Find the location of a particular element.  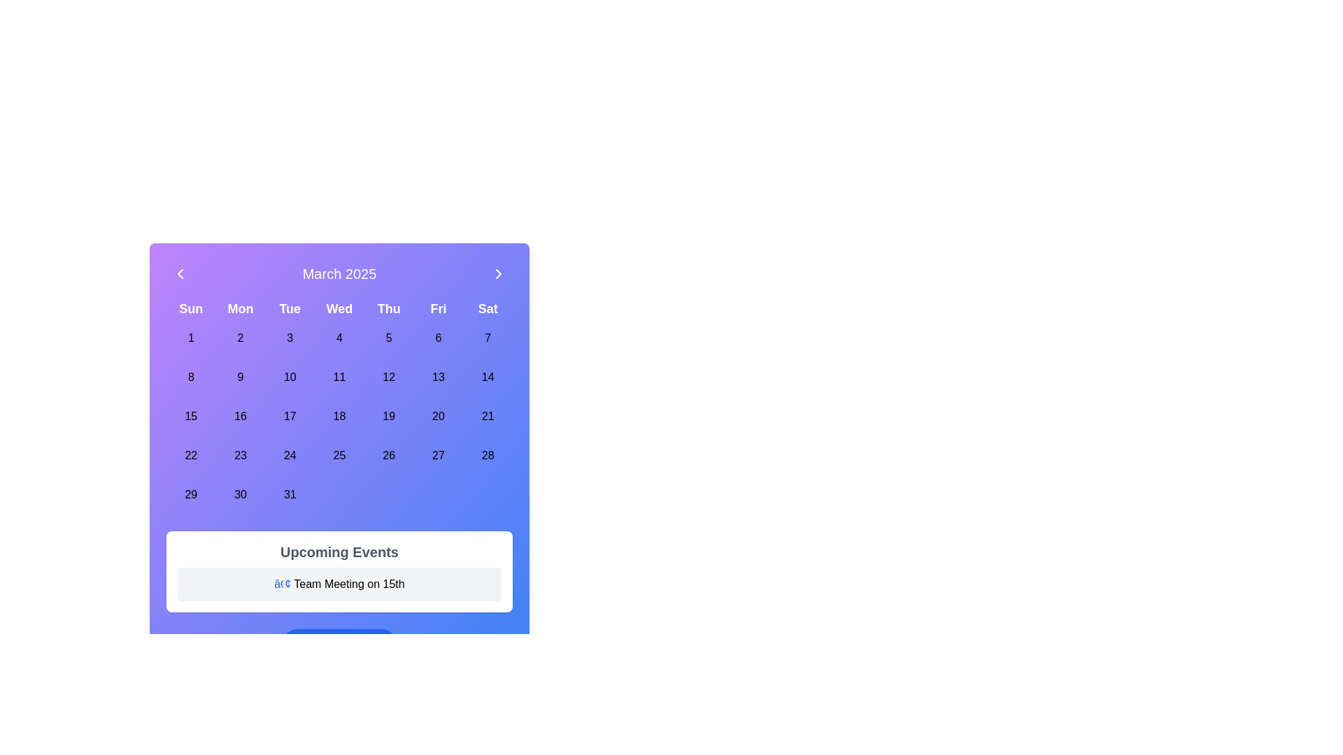

the circular button labeled '4' located in the fourth column under 'Wed' in the first week of the displayed calendar to activate its hover effects is located at coordinates (339, 338).